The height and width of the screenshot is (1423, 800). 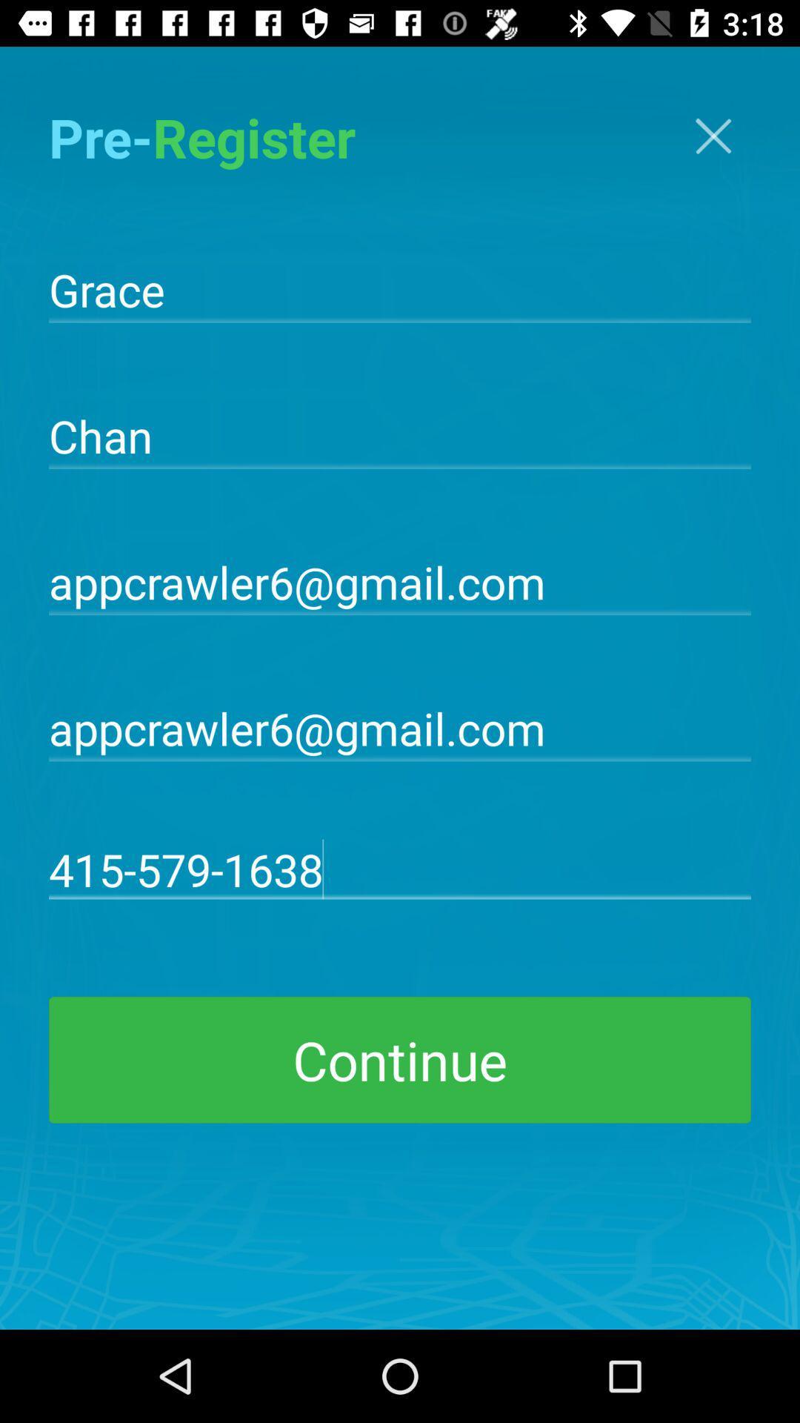 I want to click on icon above the chan, so click(x=400, y=288).